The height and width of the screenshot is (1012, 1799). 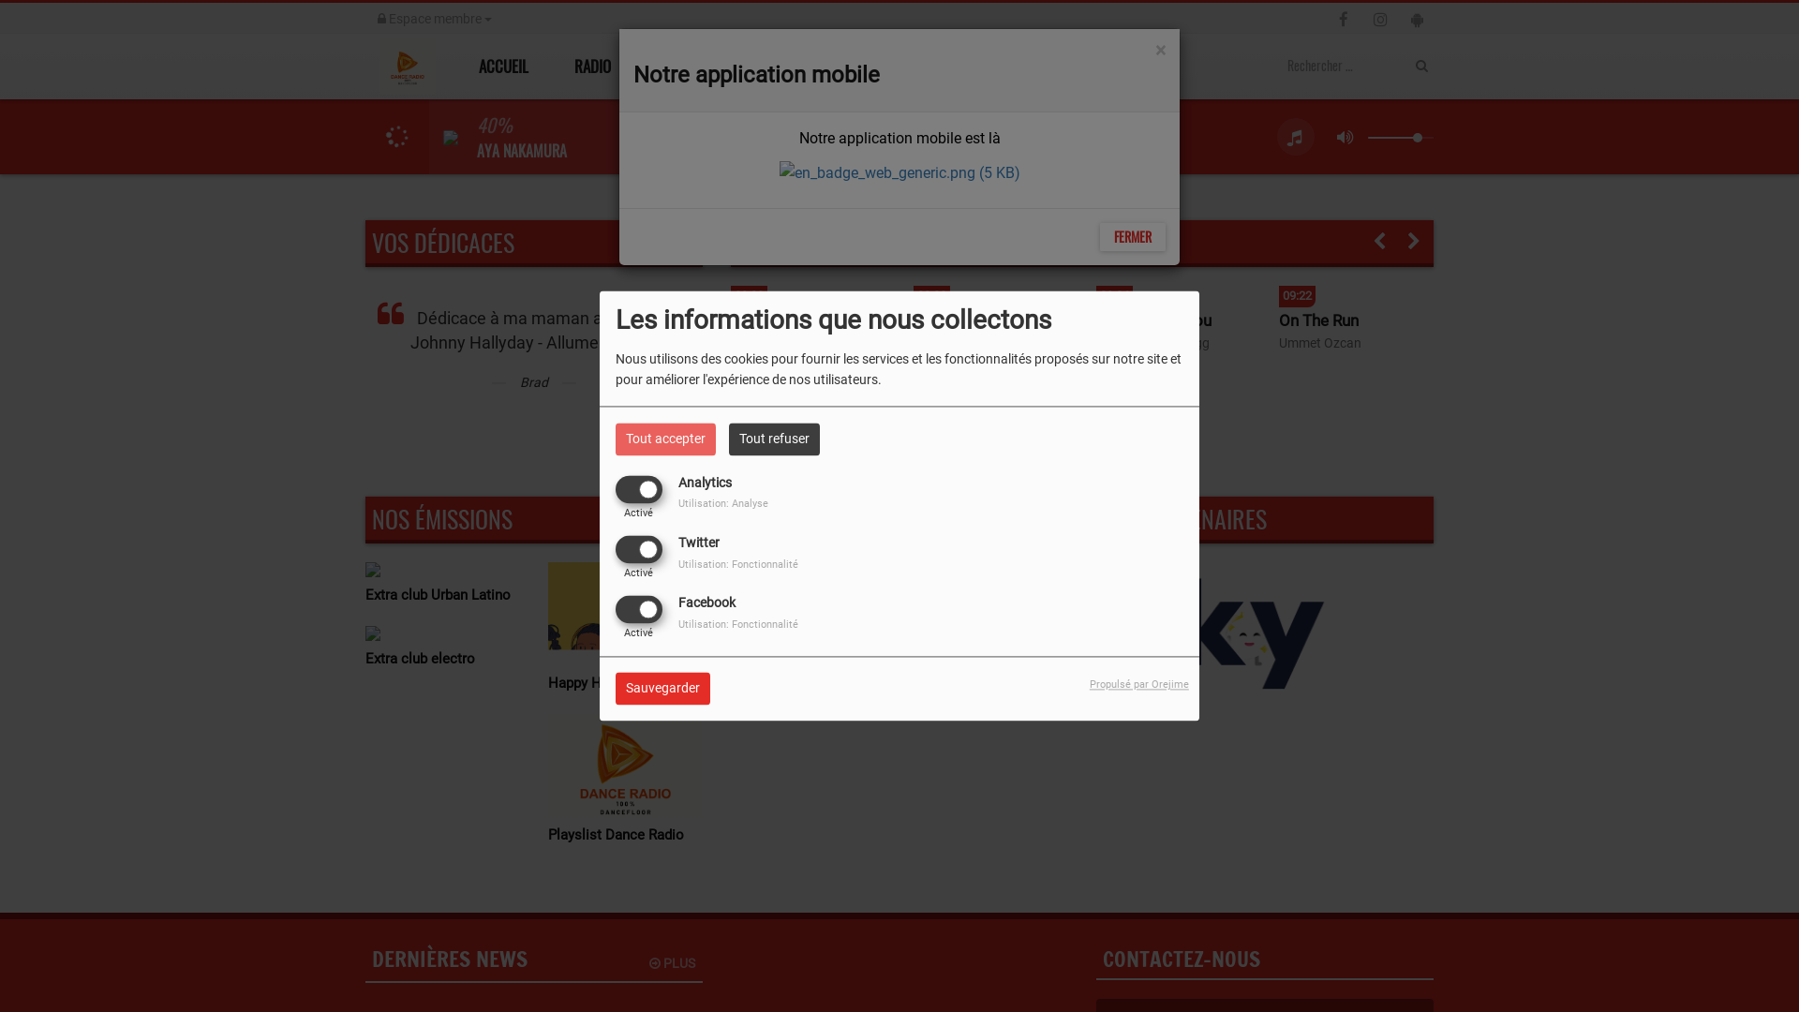 I want to click on 'PLUS', so click(x=648, y=963).